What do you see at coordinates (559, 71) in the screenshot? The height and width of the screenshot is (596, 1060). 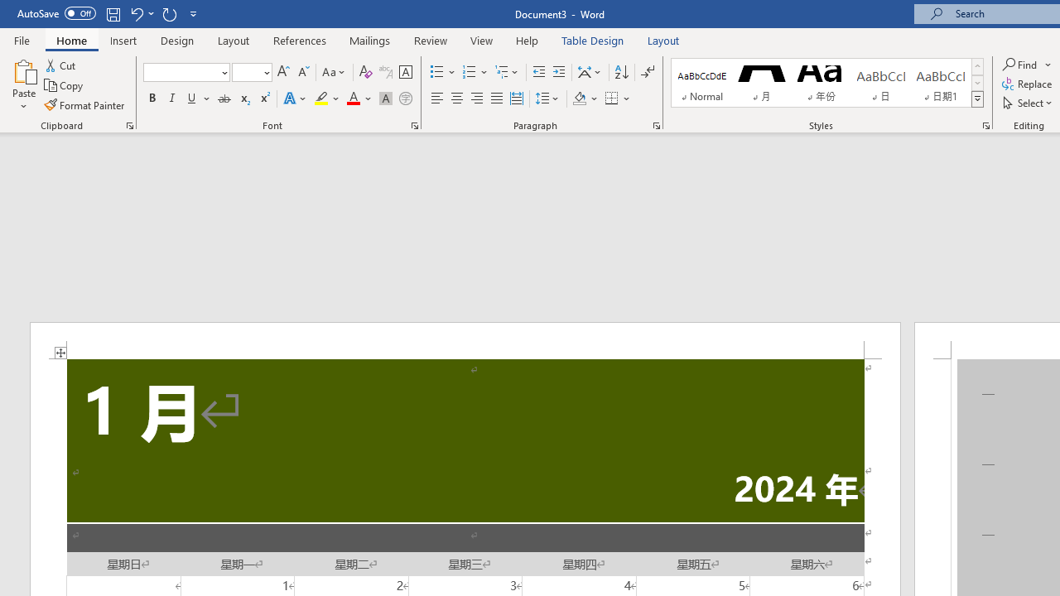 I see `'Increase Indent'` at bounding box center [559, 71].